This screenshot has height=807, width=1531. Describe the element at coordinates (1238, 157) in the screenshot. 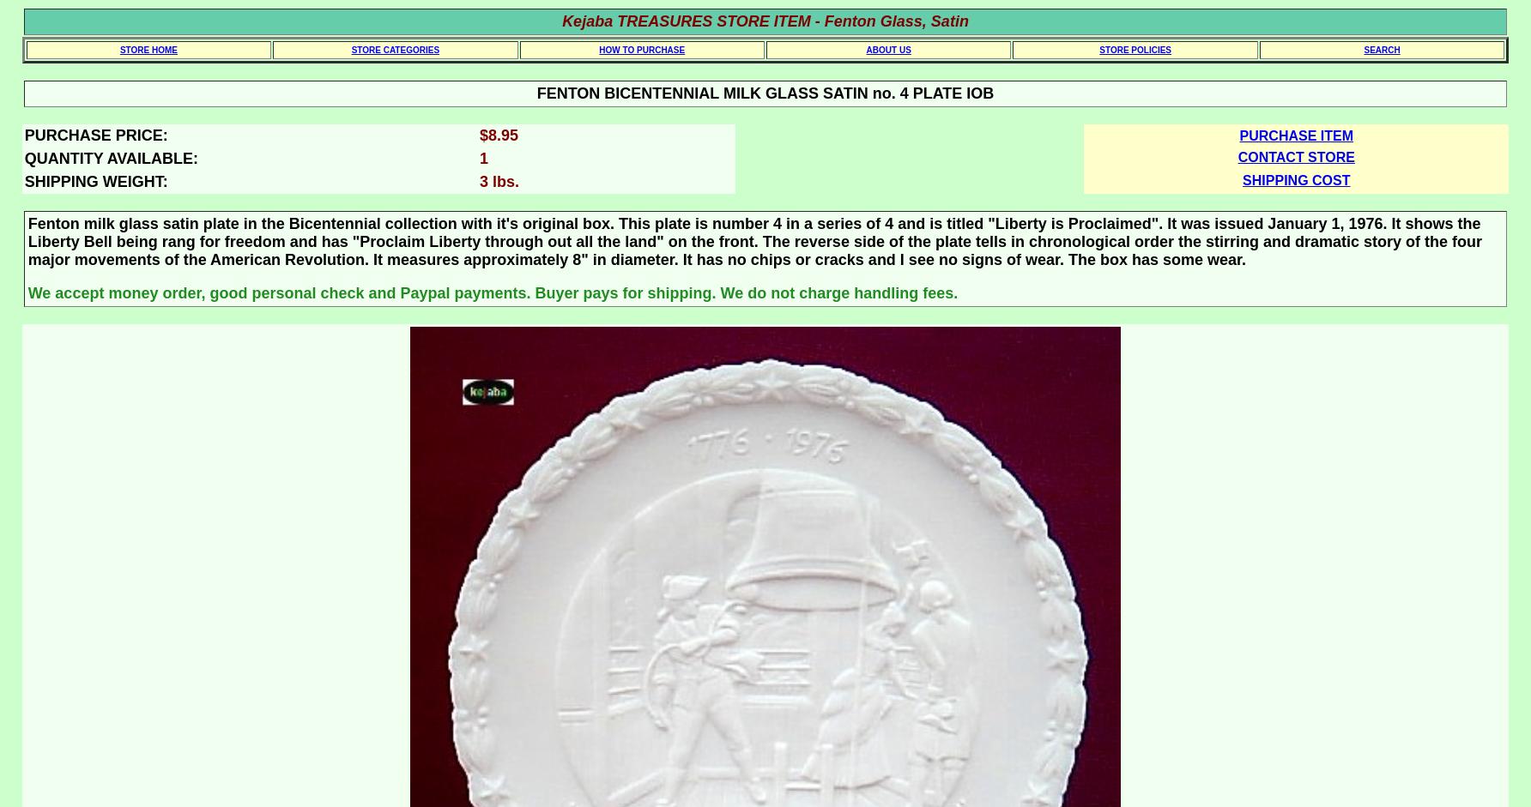

I see `'CONTACT STORE'` at that location.